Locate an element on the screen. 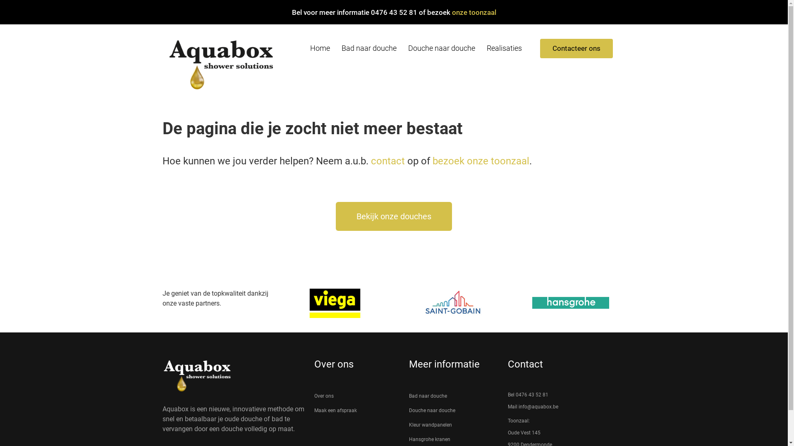 The width and height of the screenshot is (794, 446). 'Bekijk onze douches' is located at coordinates (335, 216).